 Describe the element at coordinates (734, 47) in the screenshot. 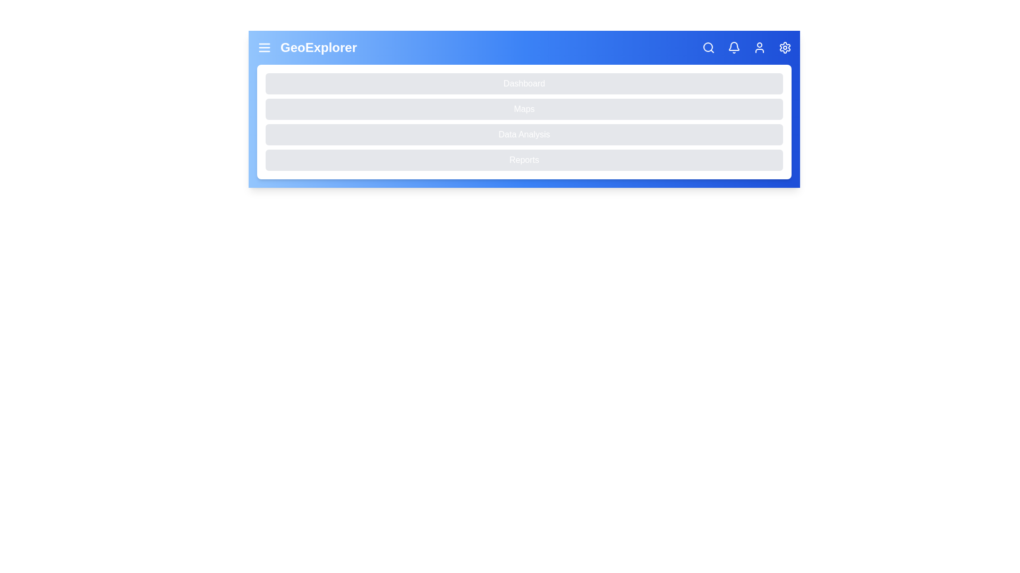

I see `the bell icon to access notifications` at that location.